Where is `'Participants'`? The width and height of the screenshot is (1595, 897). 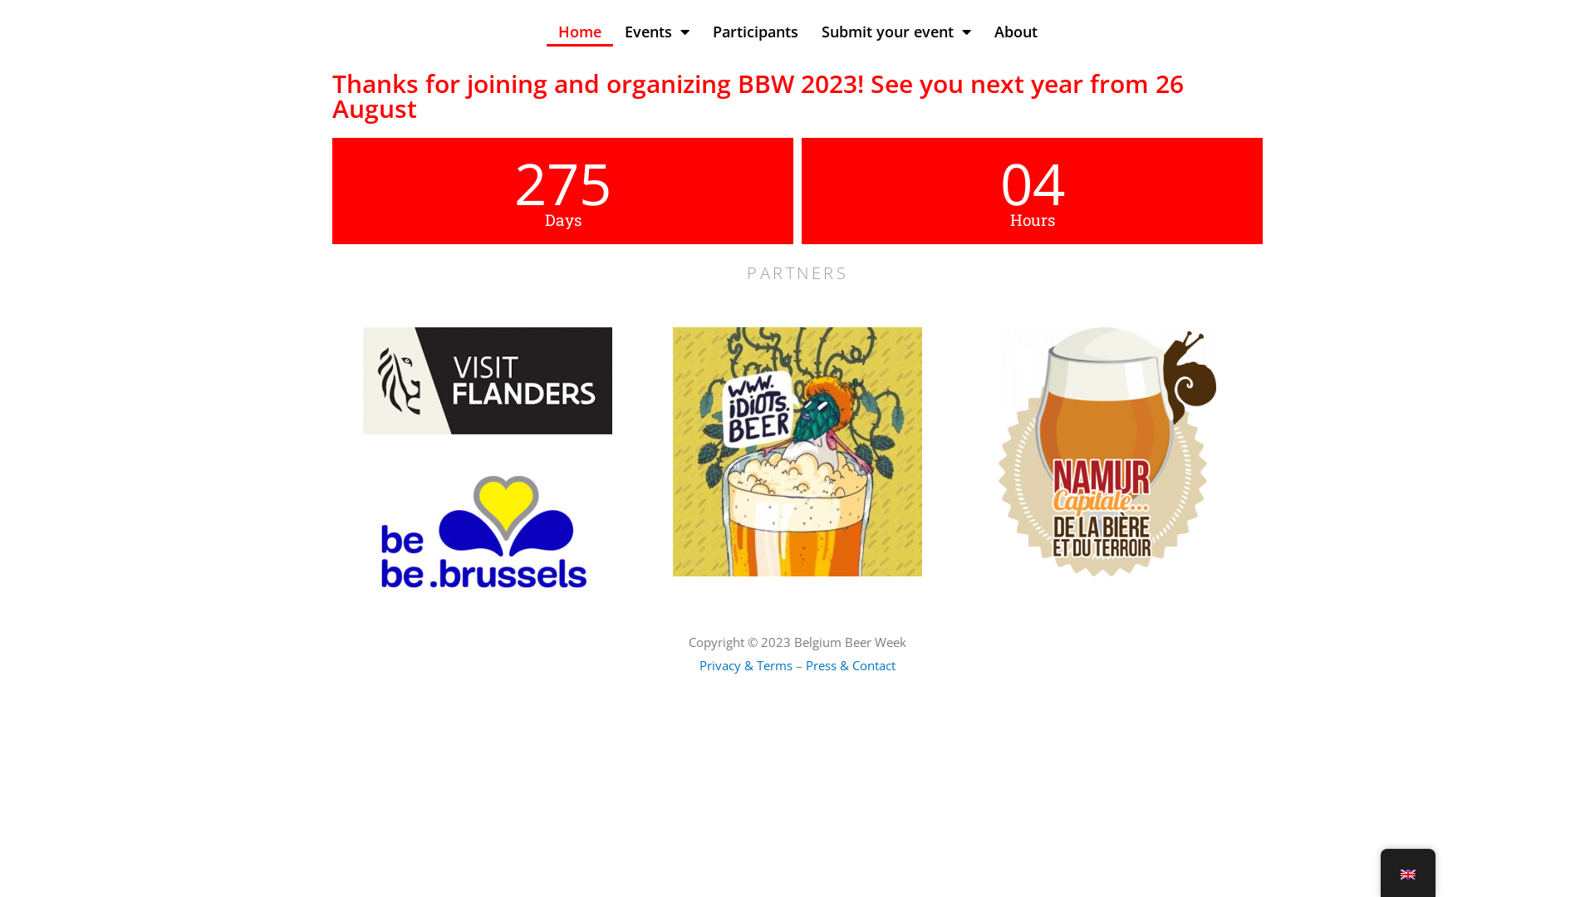
'Participants' is located at coordinates (754, 32).